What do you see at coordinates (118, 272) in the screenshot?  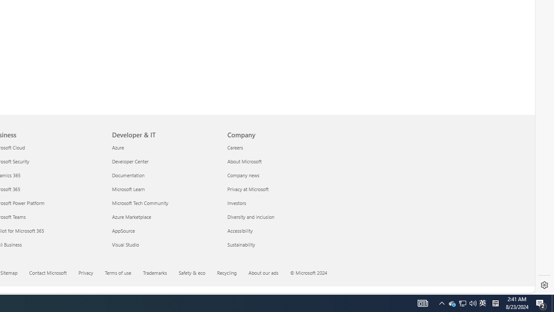 I see `'Terms of use'` at bounding box center [118, 272].